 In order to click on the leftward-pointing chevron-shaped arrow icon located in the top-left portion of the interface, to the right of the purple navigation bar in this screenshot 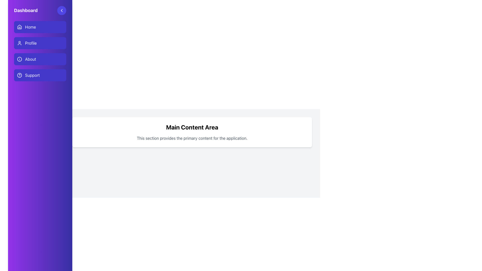, I will do `click(61, 11)`.